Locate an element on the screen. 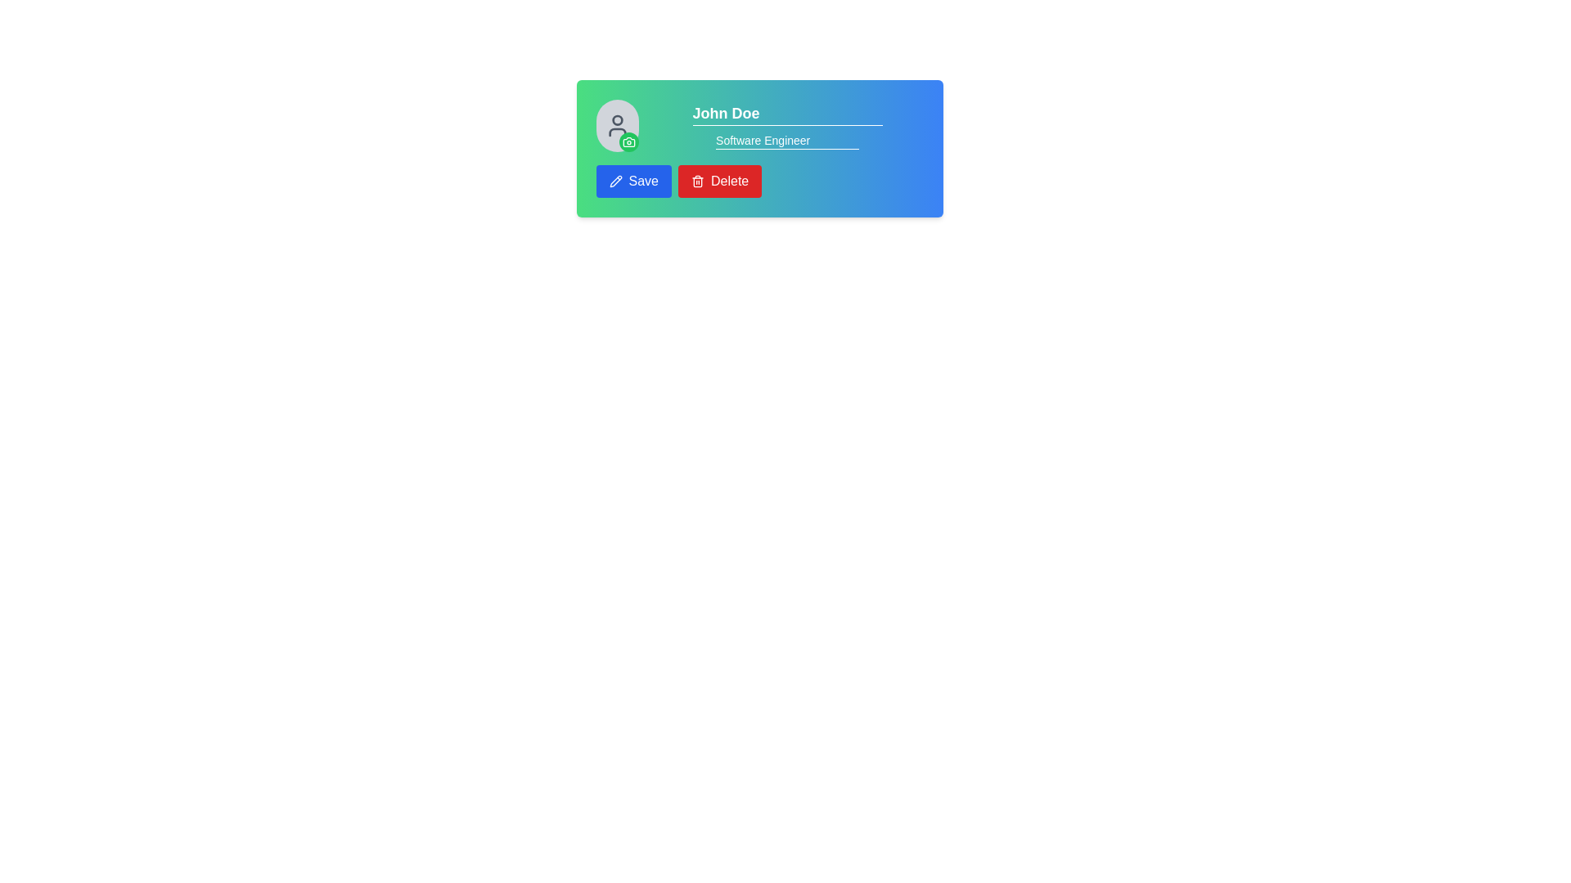  the trash icon located to the right of the blue 'Save' button, which is inside the red 'Delete' button in the user profile interface is located at coordinates (698, 182).